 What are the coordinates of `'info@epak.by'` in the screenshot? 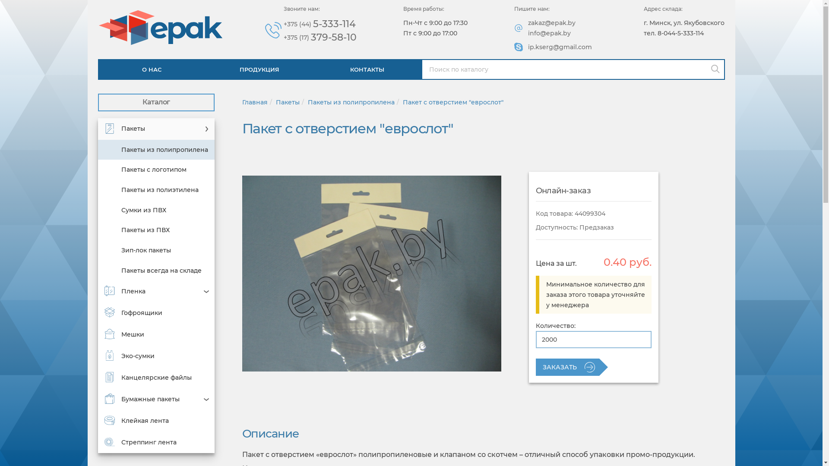 It's located at (549, 33).